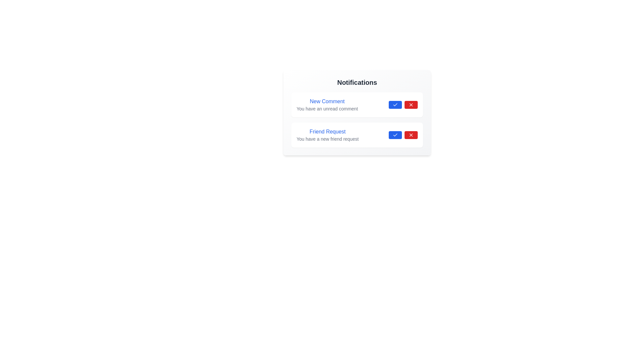 The image size is (632, 355). Describe the element at coordinates (395, 135) in the screenshot. I see `the rectangular button with rounded corners, blue background, and white text, which includes a checkmark icon` at that location.